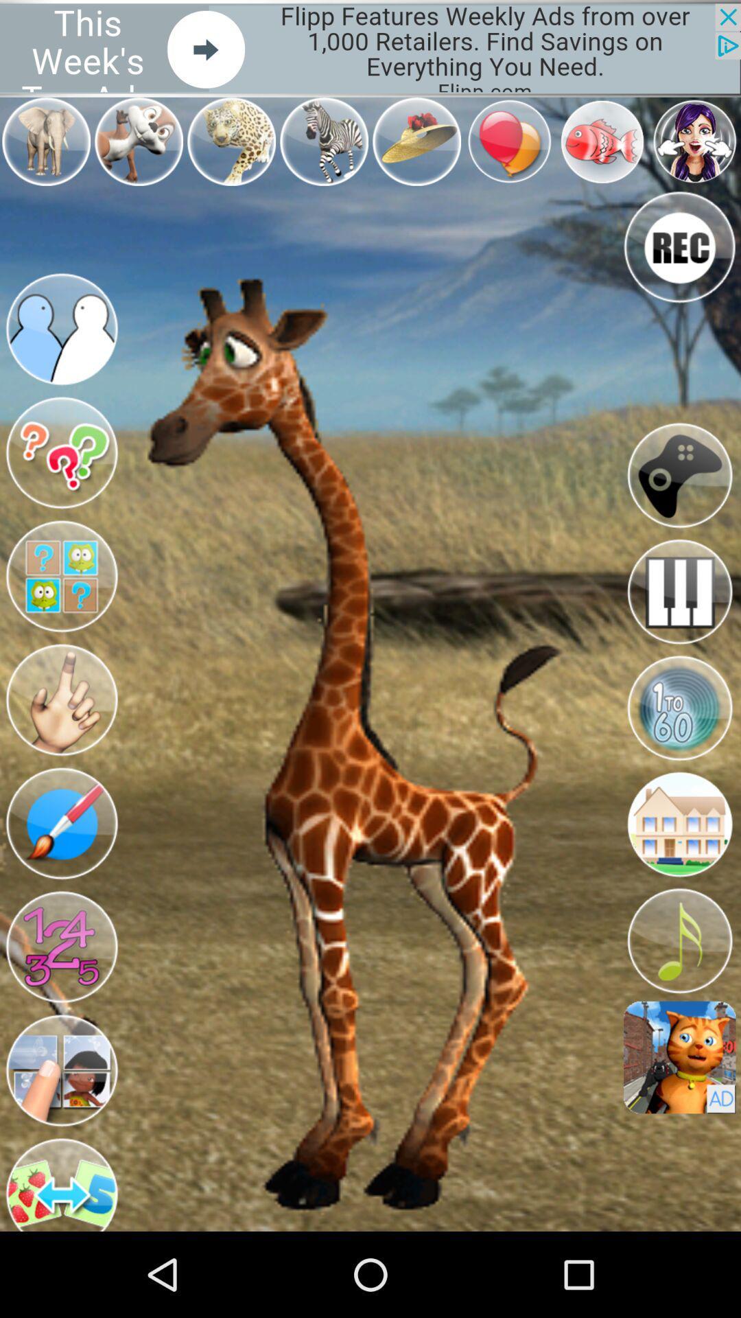 The width and height of the screenshot is (741, 1318). Describe the element at coordinates (60, 881) in the screenshot. I see `the edit icon` at that location.